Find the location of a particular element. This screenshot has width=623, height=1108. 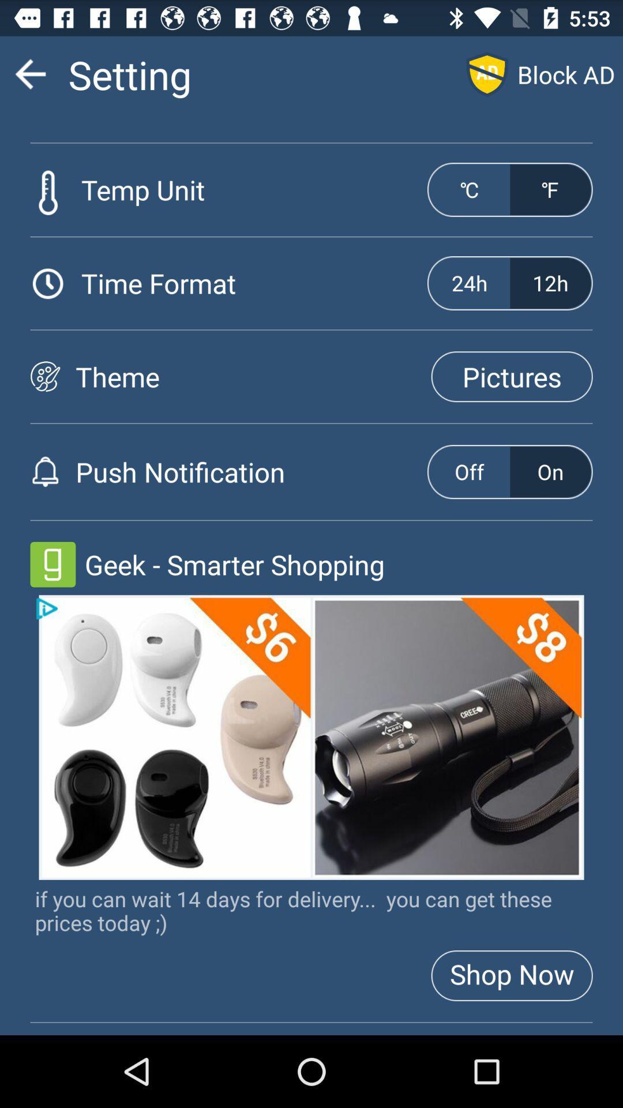

the arrow_backward icon is located at coordinates (29, 78).